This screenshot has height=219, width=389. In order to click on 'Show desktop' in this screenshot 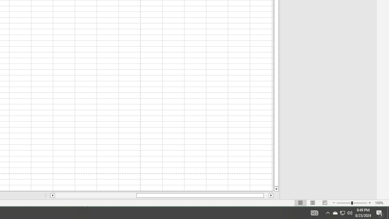, I will do `click(388, 212)`.